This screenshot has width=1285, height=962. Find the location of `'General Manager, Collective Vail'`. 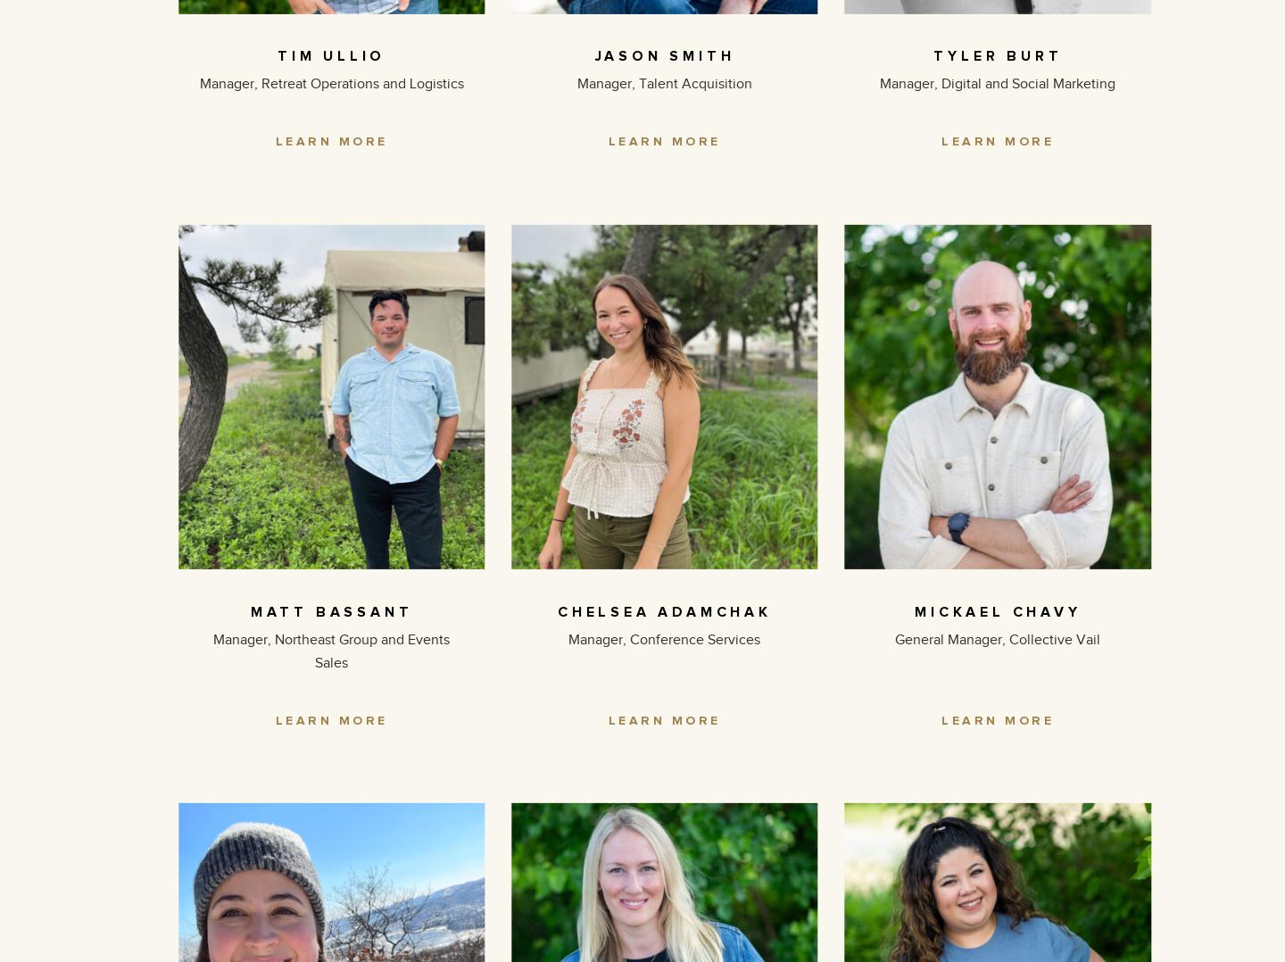

'General Manager, Collective Vail' is located at coordinates (997, 638).